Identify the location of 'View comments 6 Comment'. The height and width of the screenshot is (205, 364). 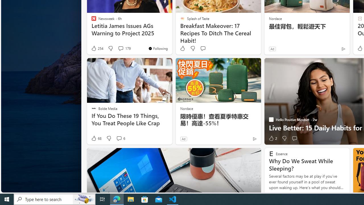
(120, 138).